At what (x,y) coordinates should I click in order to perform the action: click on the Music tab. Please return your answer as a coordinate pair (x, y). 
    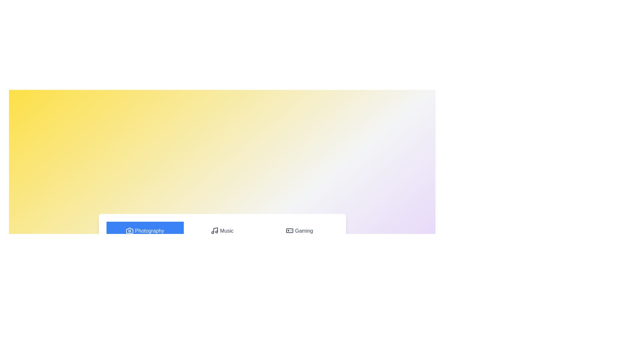
    Looking at the image, I should click on (222, 231).